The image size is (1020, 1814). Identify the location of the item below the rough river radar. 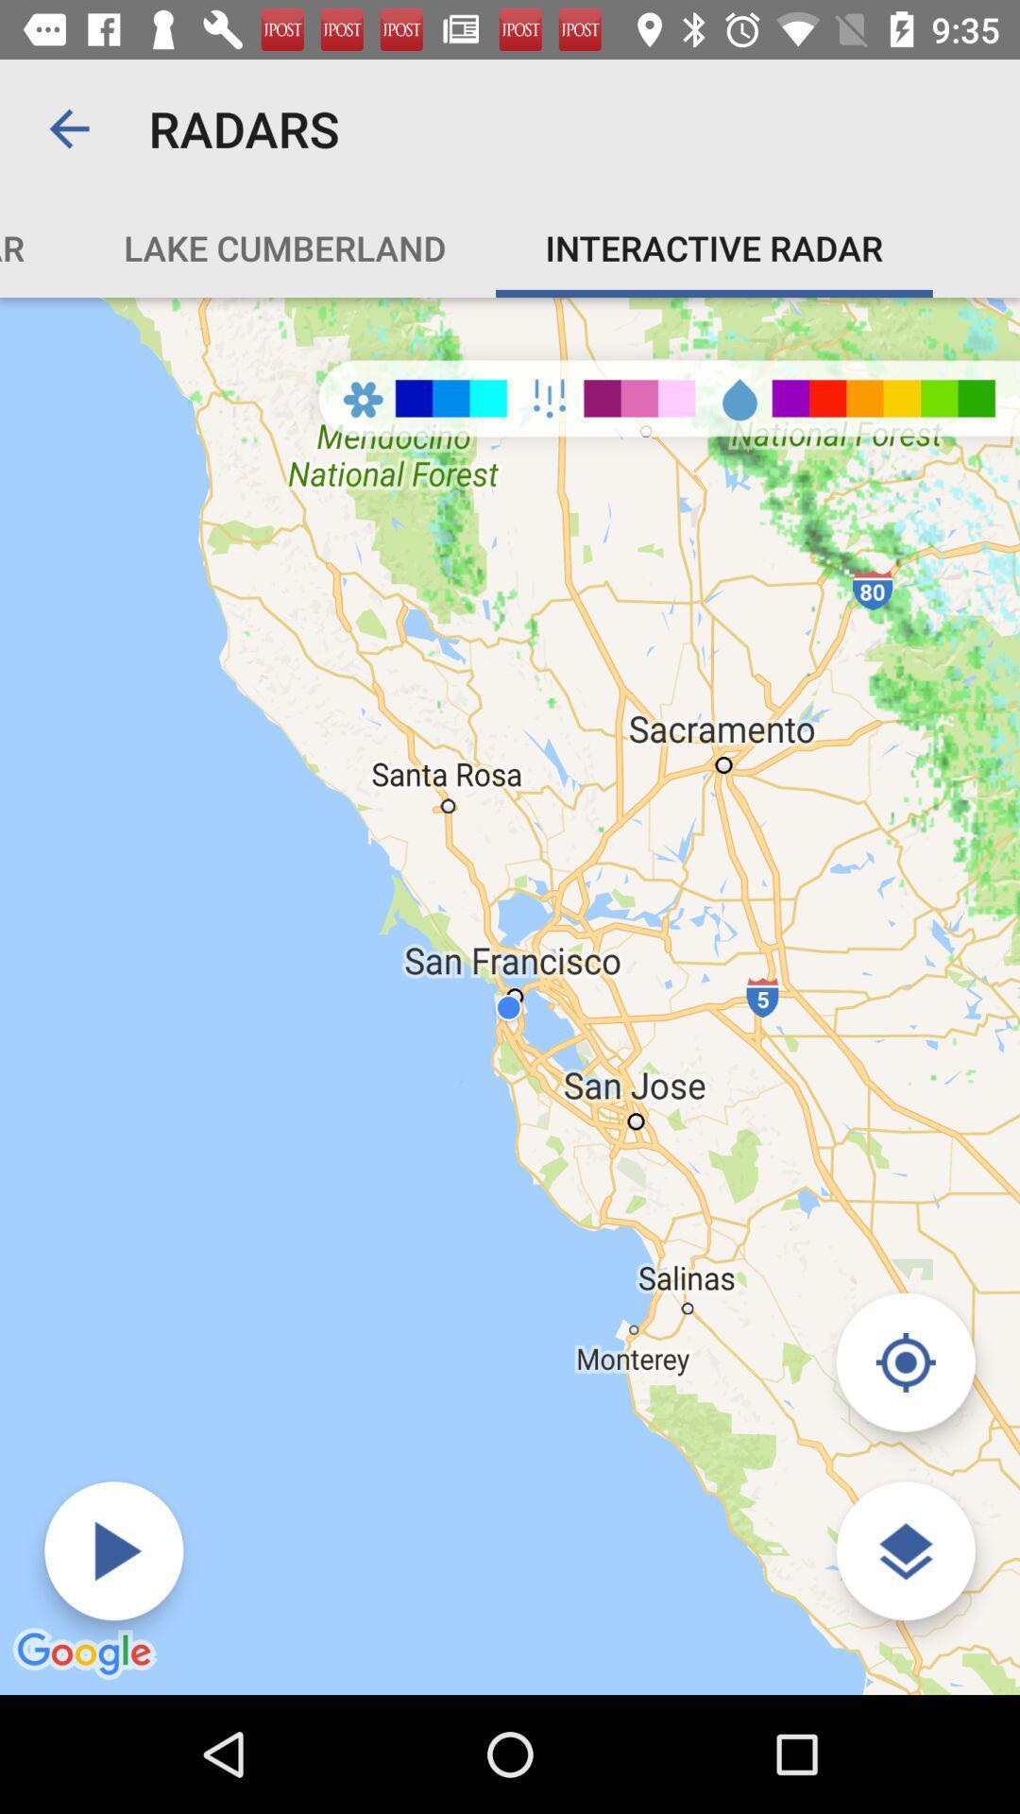
(510, 995).